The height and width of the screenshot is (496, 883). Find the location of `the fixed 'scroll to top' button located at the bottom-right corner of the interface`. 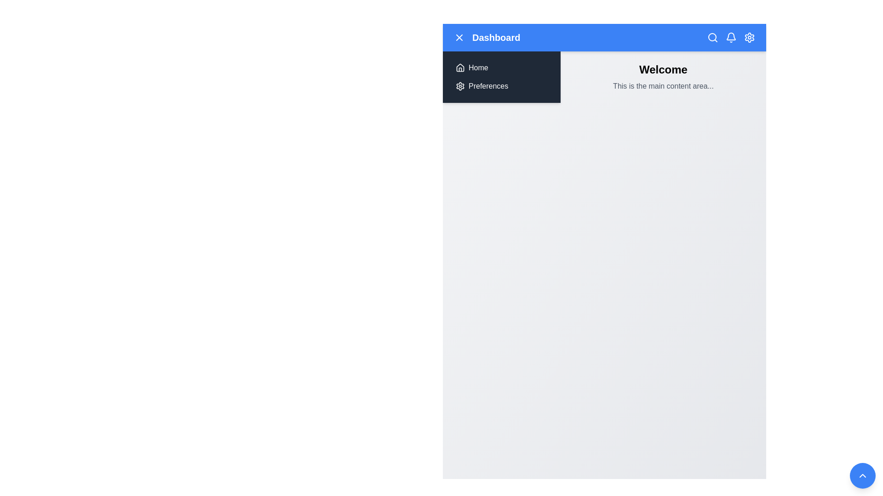

the fixed 'scroll to top' button located at the bottom-right corner of the interface is located at coordinates (862, 475).